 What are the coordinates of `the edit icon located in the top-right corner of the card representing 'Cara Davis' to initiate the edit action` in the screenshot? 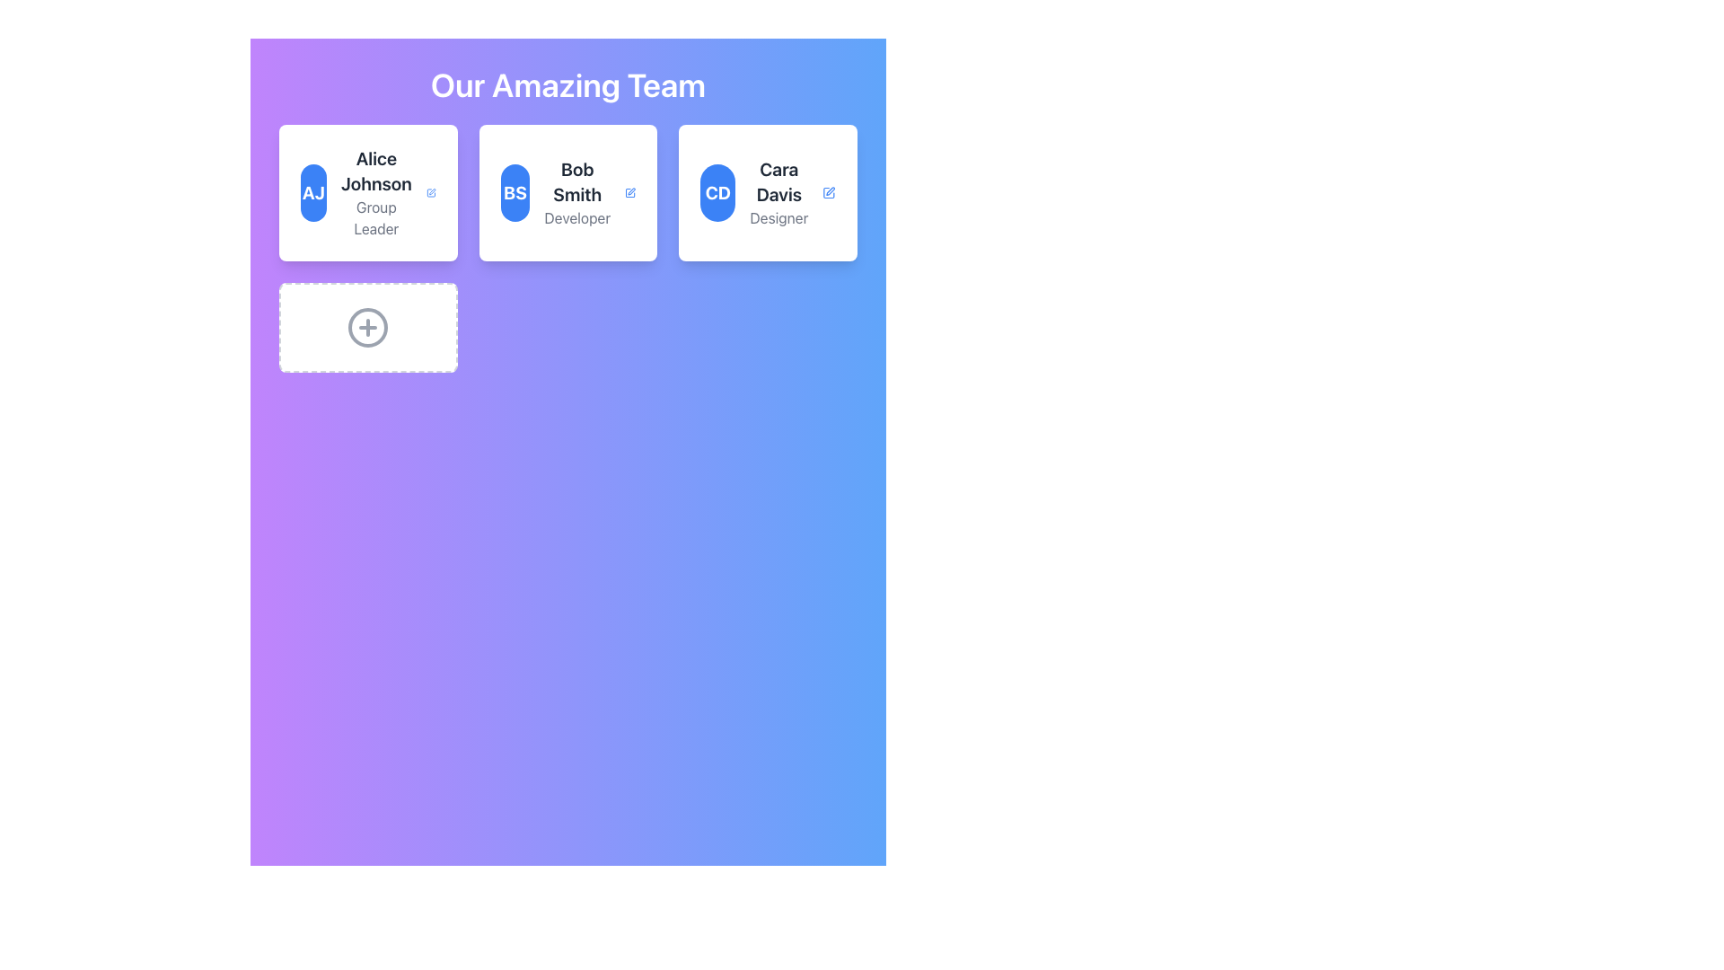 It's located at (828, 193).